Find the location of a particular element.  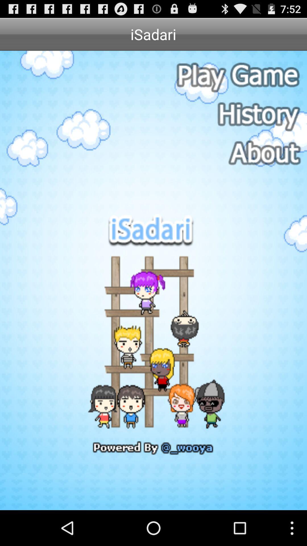

history button is located at coordinates (237, 114).